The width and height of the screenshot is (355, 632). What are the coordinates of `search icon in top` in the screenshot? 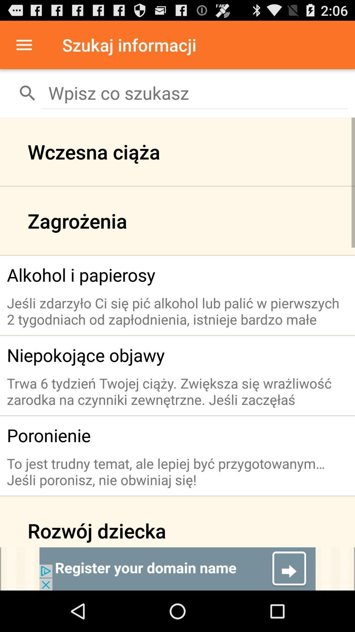 It's located at (27, 93).